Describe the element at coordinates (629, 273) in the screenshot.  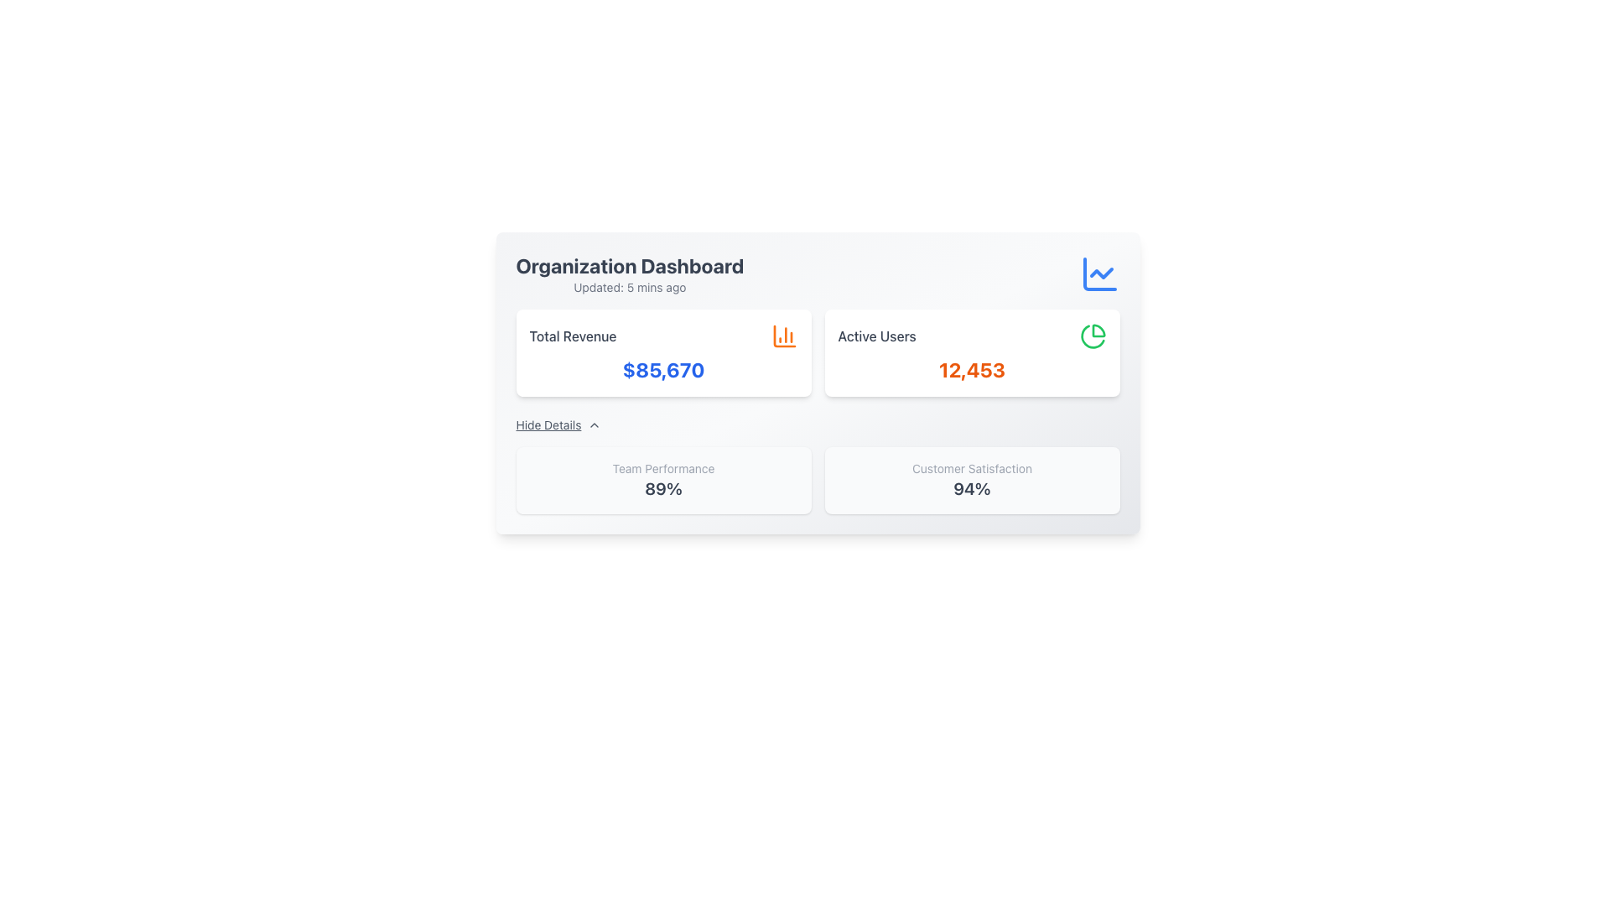
I see `title 'Organization Dashboard' and the timestamp 'Updated: 5 mins ago' from the text block located at the top-left corner of the main content section beneath the dashboard header` at that location.